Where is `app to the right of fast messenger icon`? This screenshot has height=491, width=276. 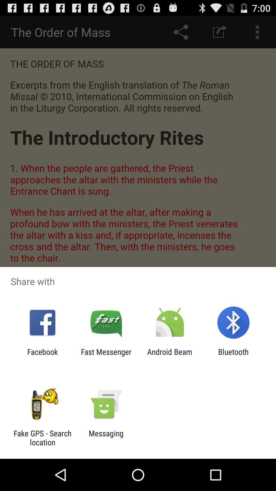
app to the right of fast messenger icon is located at coordinates (170, 356).